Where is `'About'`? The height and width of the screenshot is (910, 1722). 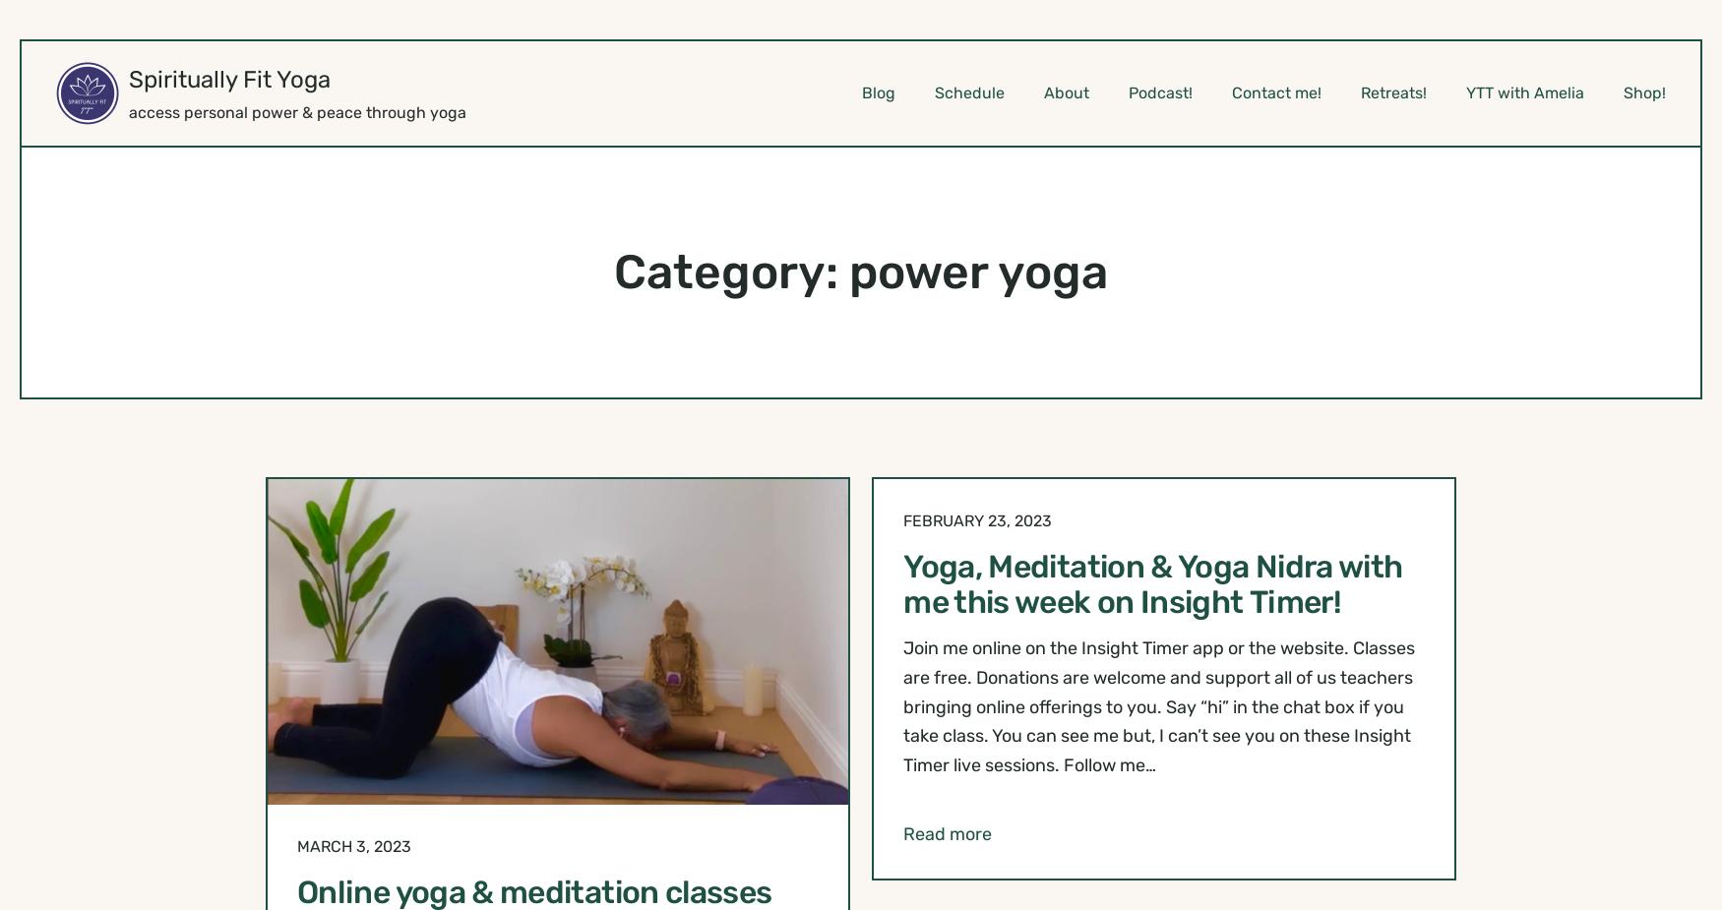 'About' is located at coordinates (1066, 91).